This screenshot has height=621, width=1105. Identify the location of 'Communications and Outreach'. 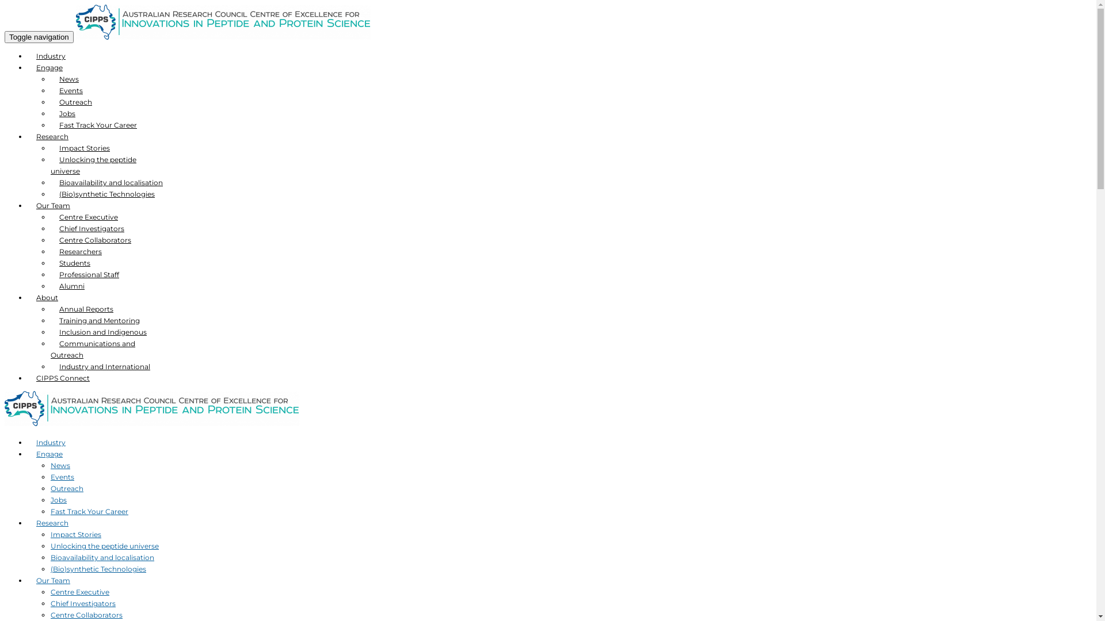
(93, 348).